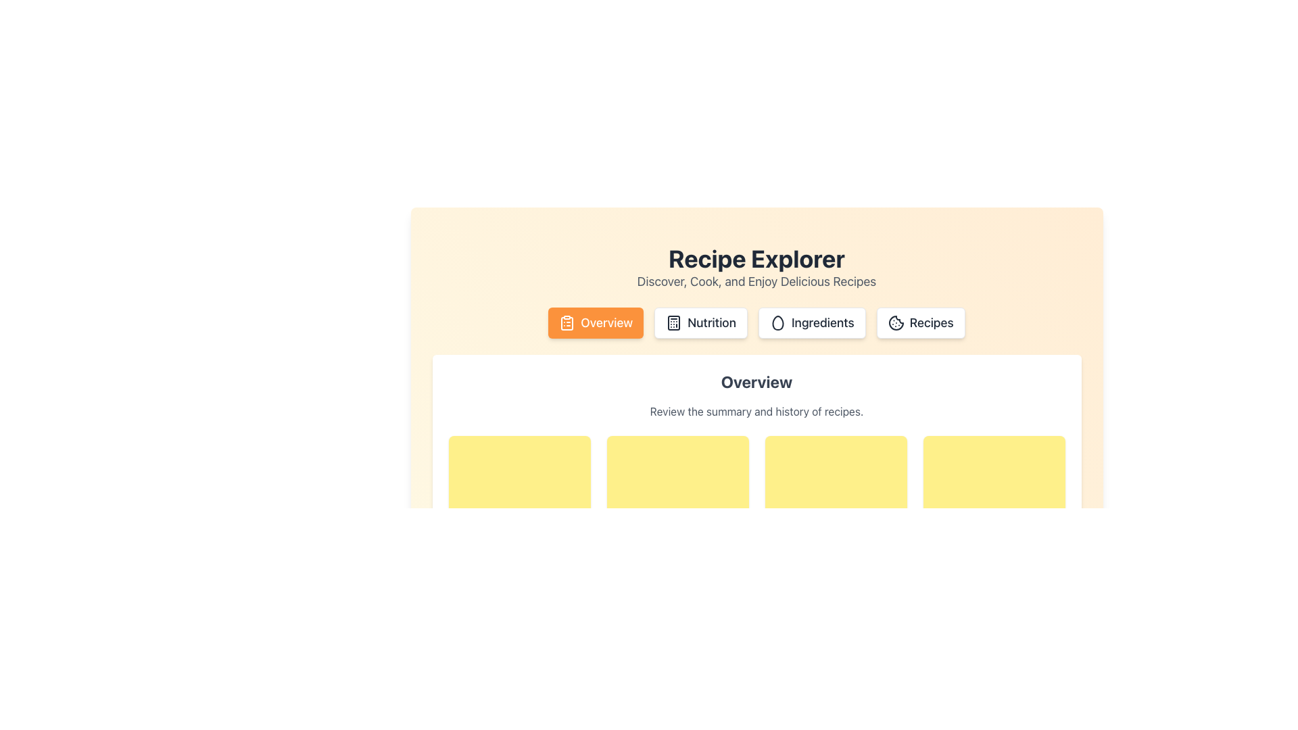  Describe the element at coordinates (756, 381) in the screenshot. I see `the bold, centered title text element labeled 'Overview' located at the upper center of a card-like white panel` at that location.